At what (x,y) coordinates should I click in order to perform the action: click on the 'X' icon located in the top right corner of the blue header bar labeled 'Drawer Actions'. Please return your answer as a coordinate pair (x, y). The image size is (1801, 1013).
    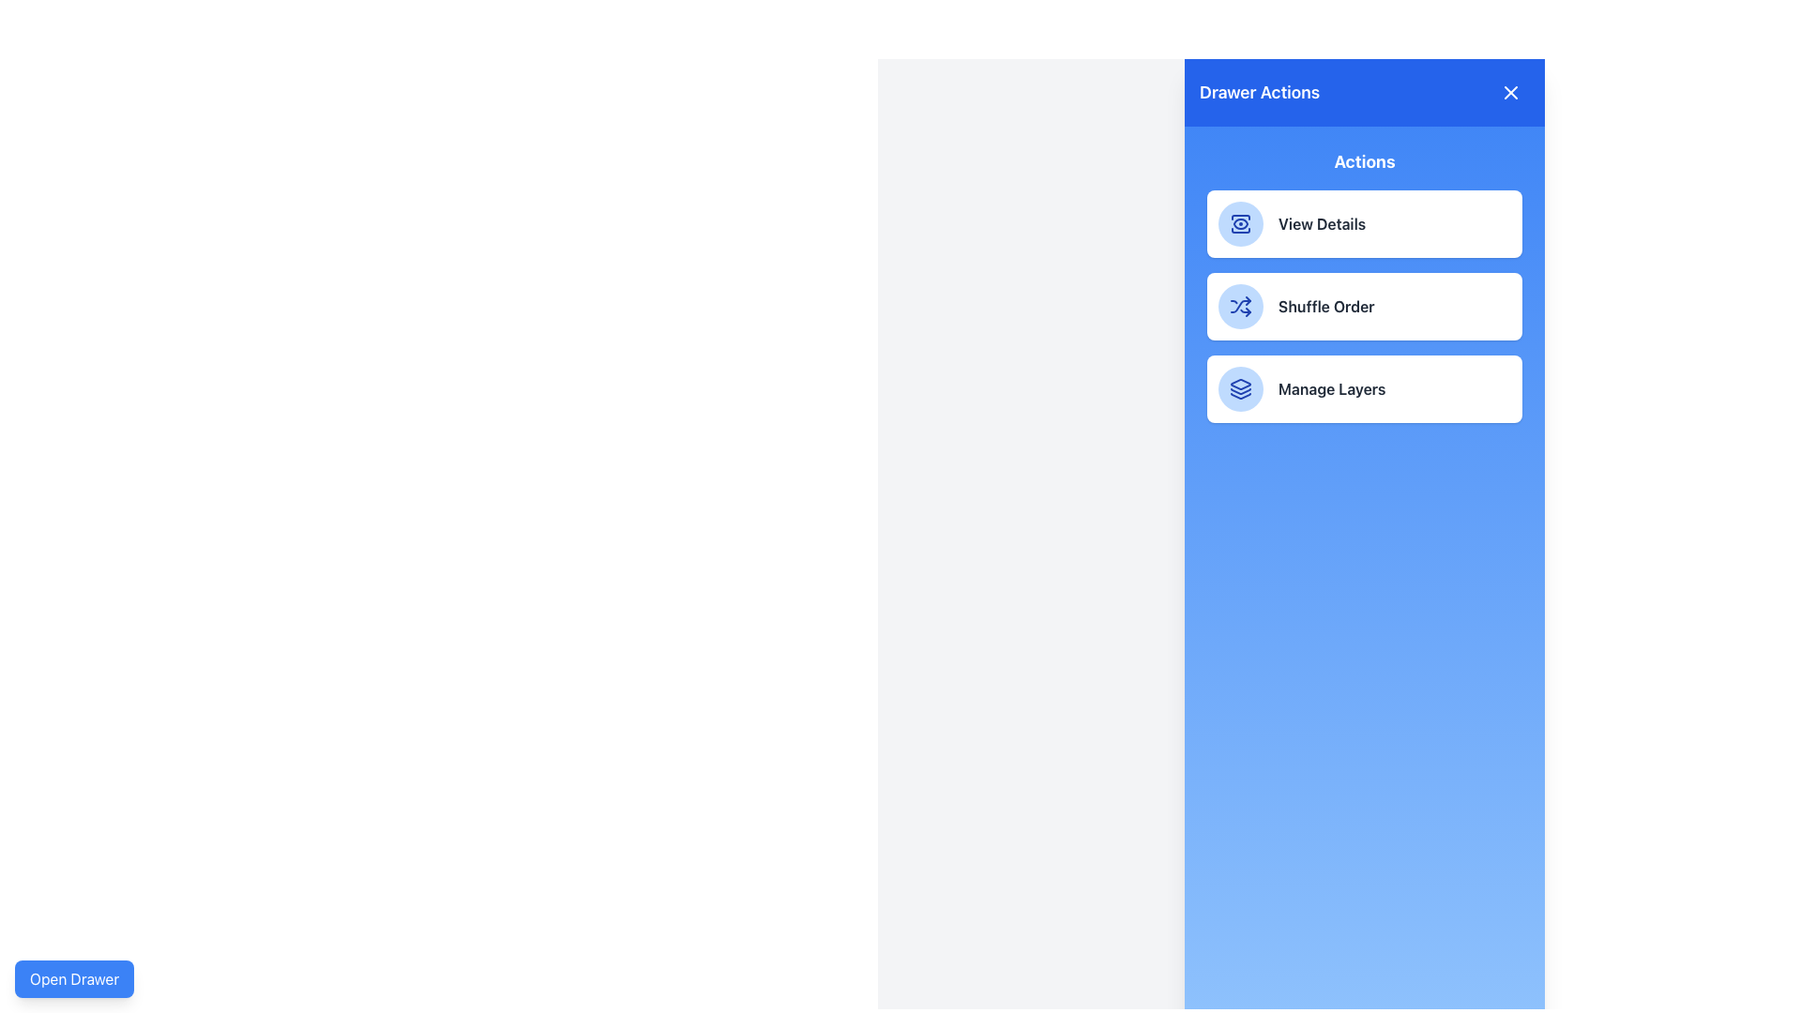
    Looking at the image, I should click on (1511, 93).